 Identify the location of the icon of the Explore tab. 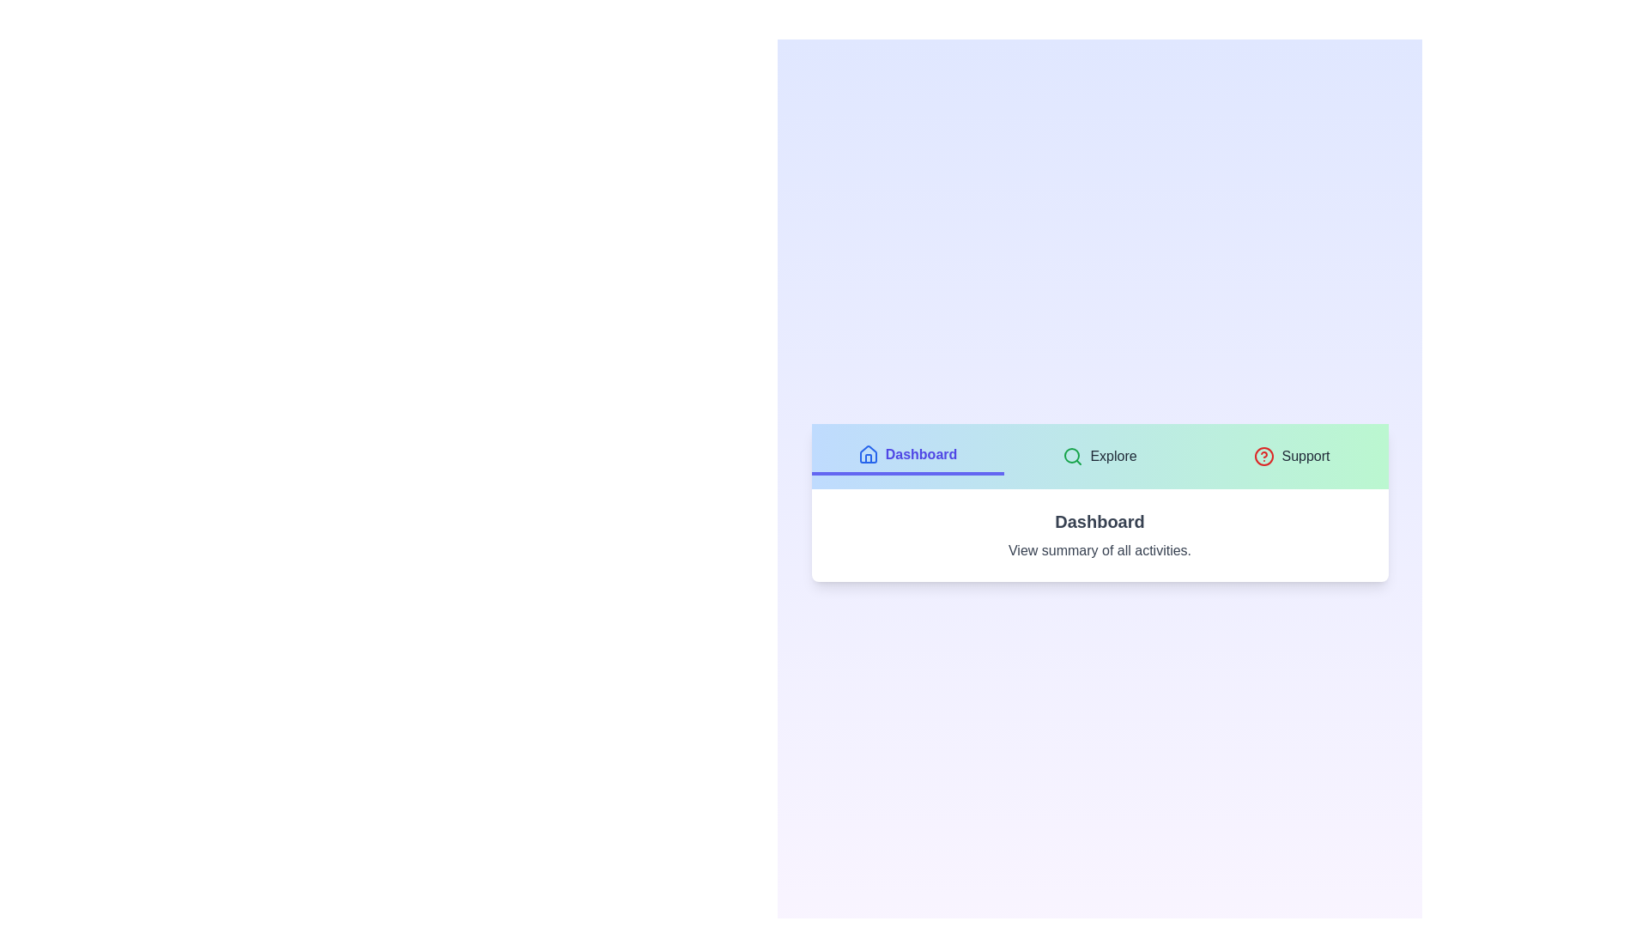
(1072, 456).